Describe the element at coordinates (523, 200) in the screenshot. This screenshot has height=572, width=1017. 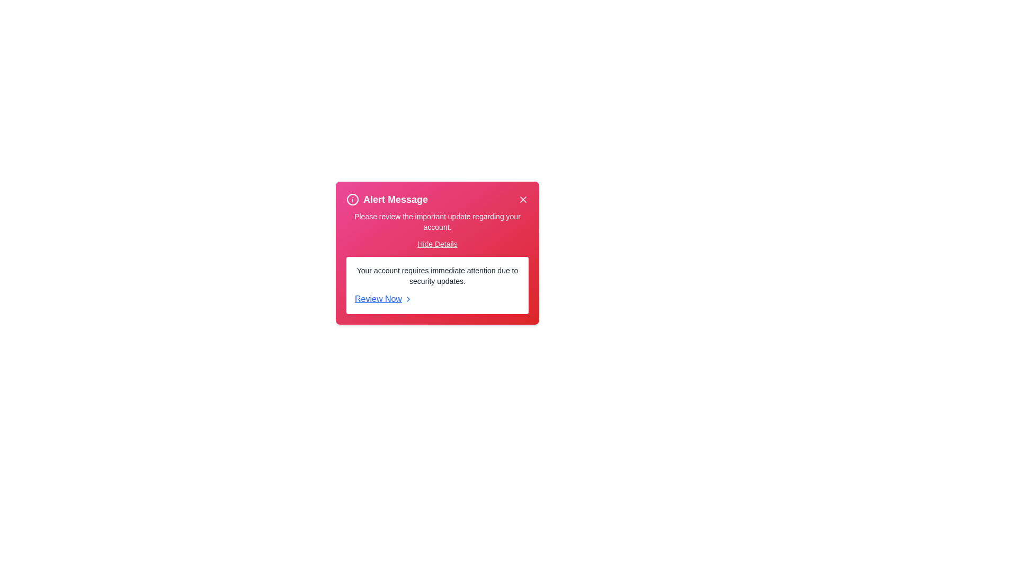
I see `the close button to dismiss the alert` at that location.